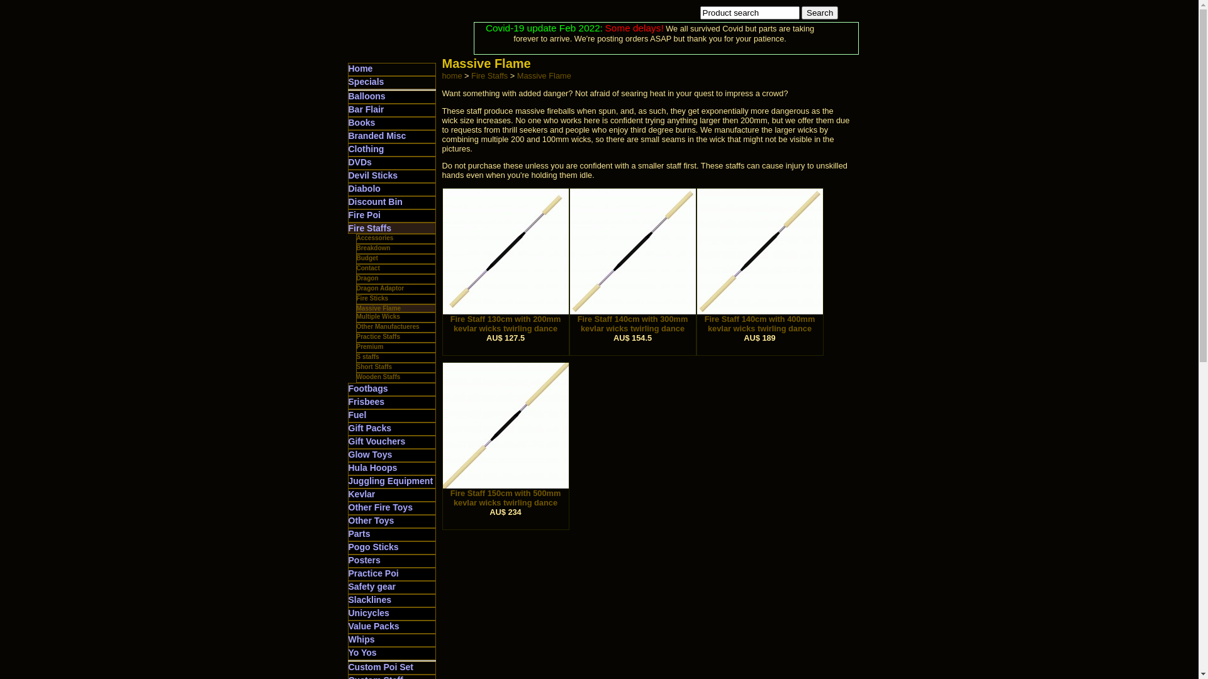  What do you see at coordinates (348, 587) in the screenshot?
I see `'Safety gear'` at bounding box center [348, 587].